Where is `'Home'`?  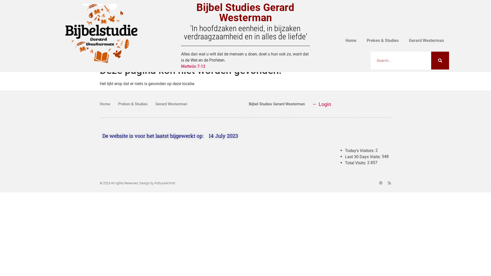 'Home' is located at coordinates (105, 104).